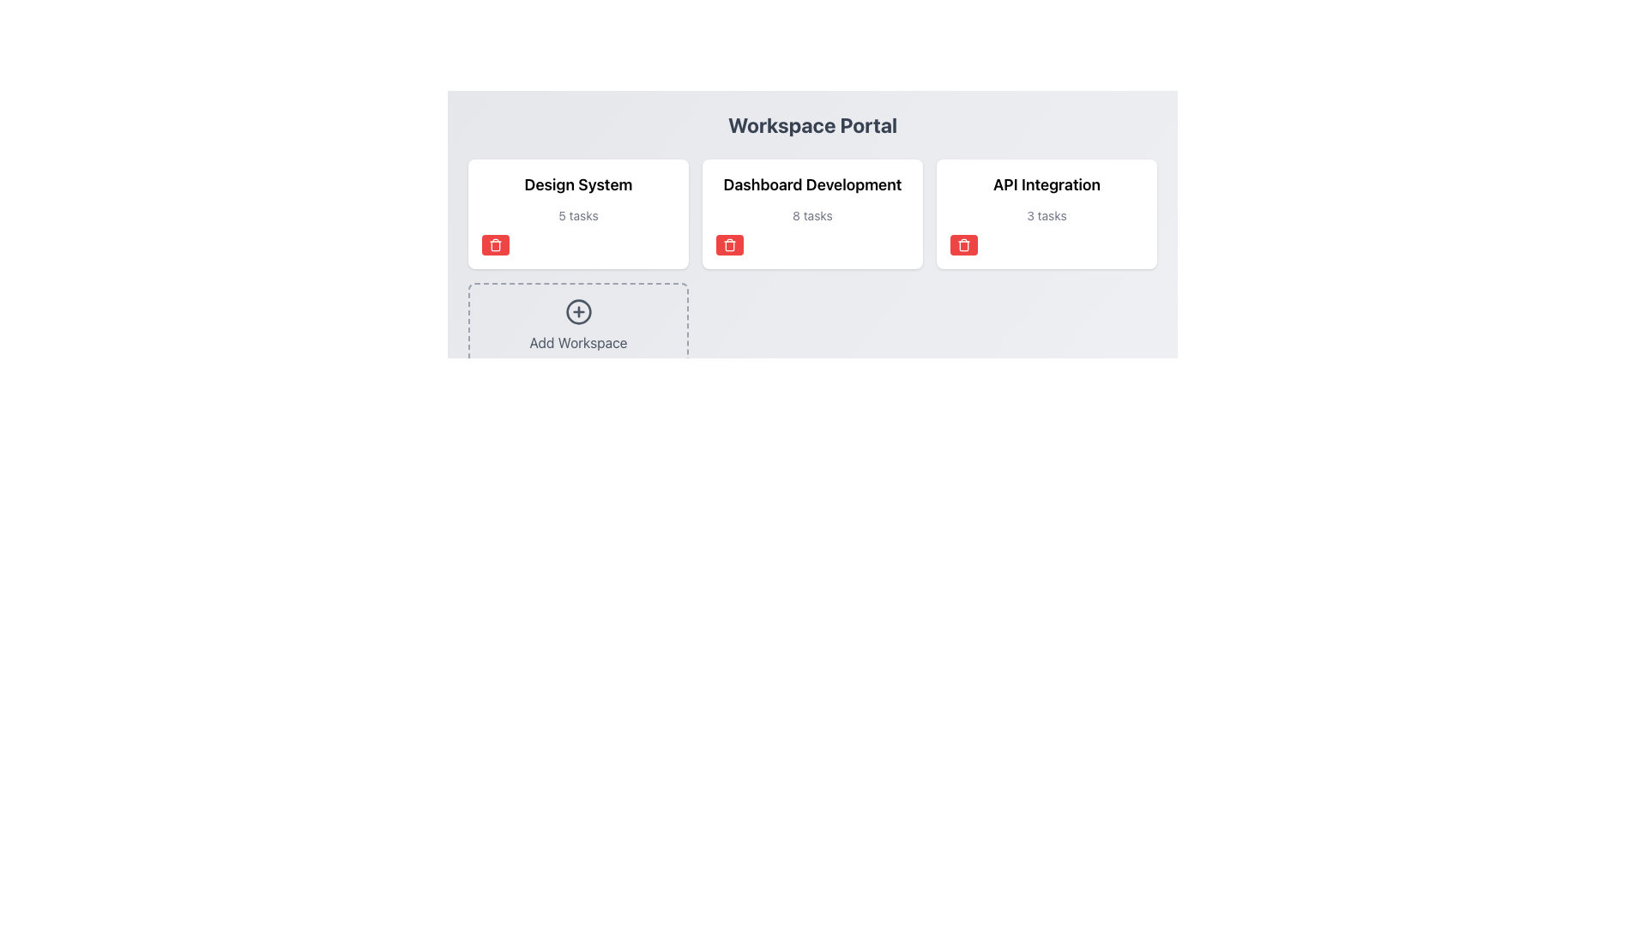 The width and height of the screenshot is (1647, 926). What do you see at coordinates (494, 245) in the screenshot?
I see `the main body of the trash bin icon located in the lower-left corner of the 'Design System' card` at bounding box center [494, 245].